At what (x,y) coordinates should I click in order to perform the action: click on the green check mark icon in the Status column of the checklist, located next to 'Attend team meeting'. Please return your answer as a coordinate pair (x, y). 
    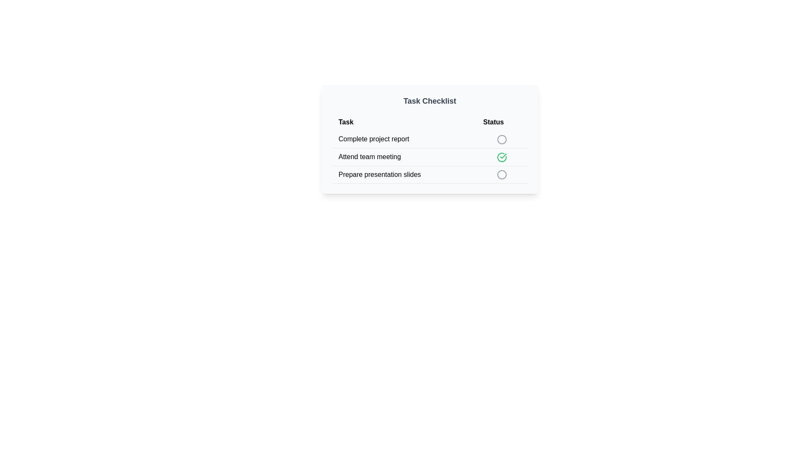
    Looking at the image, I should click on (502, 157).